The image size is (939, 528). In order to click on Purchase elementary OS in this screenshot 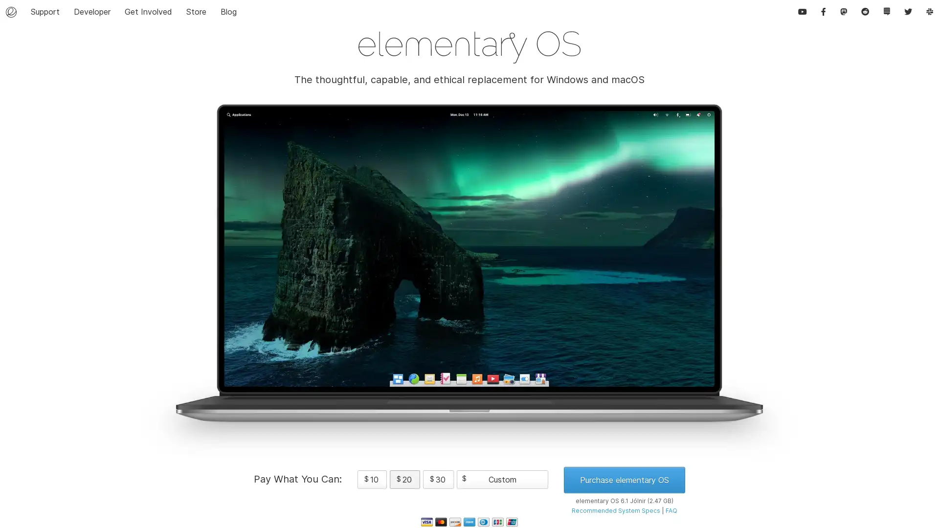, I will do `click(624, 480)`.